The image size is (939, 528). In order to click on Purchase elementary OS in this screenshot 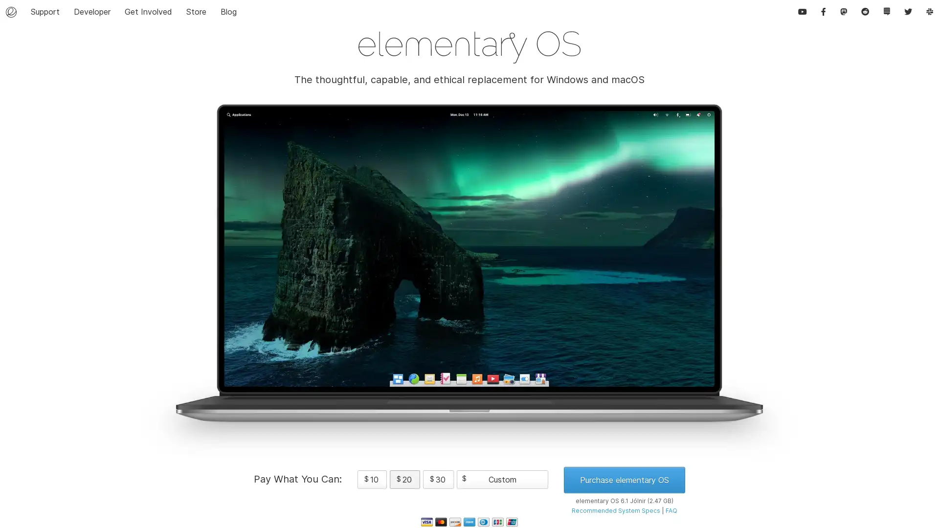, I will do `click(624, 480)`.